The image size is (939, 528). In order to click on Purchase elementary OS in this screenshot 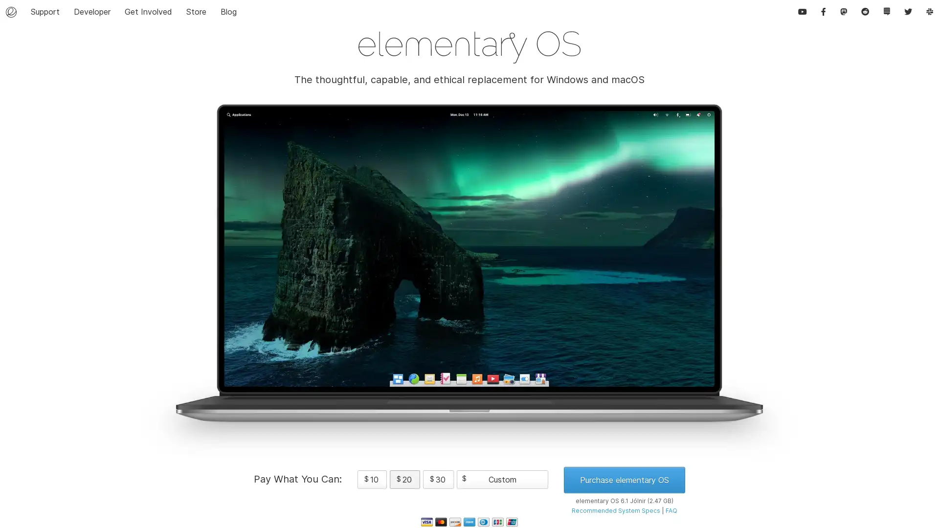, I will do `click(624, 480)`.